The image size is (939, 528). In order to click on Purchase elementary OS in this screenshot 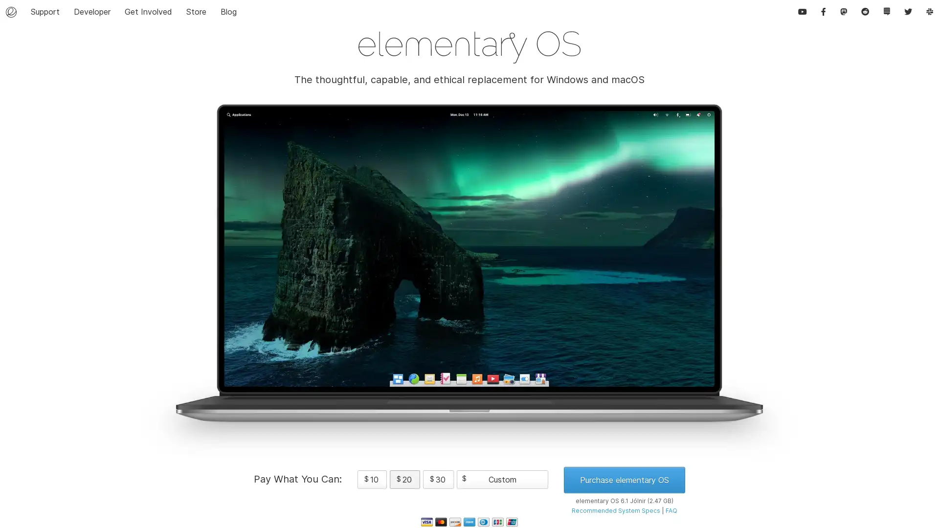, I will do `click(624, 480)`.